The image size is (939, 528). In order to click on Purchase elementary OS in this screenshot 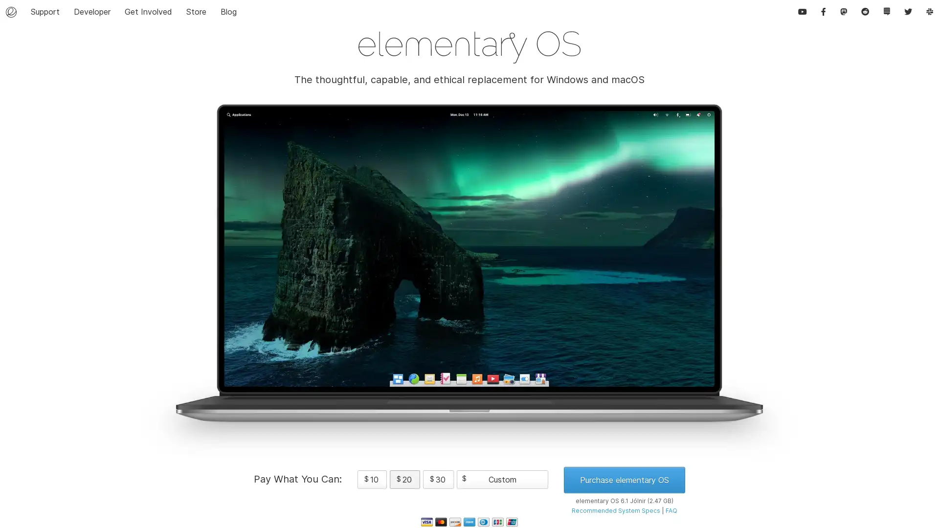, I will do `click(624, 480)`.